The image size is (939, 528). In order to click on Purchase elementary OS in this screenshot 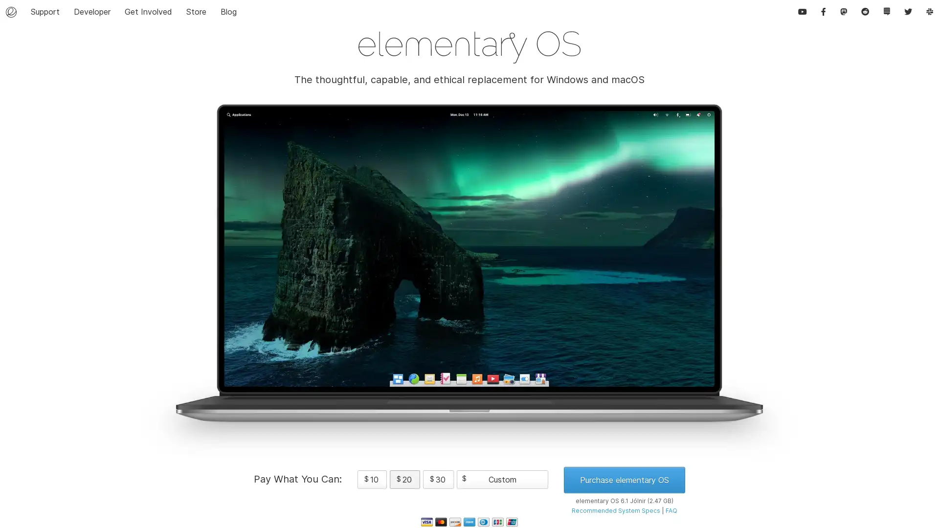, I will do `click(624, 480)`.